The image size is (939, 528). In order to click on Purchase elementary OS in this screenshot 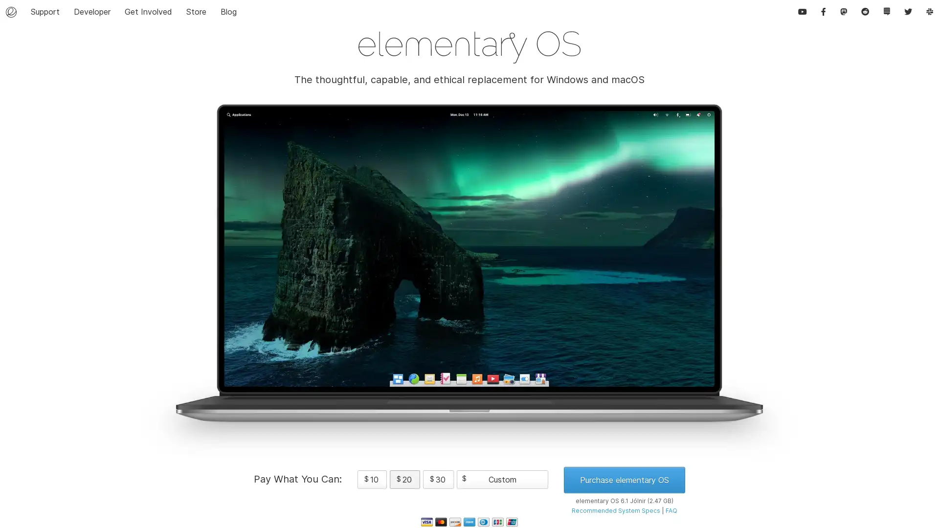, I will do `click(624, 480)`.